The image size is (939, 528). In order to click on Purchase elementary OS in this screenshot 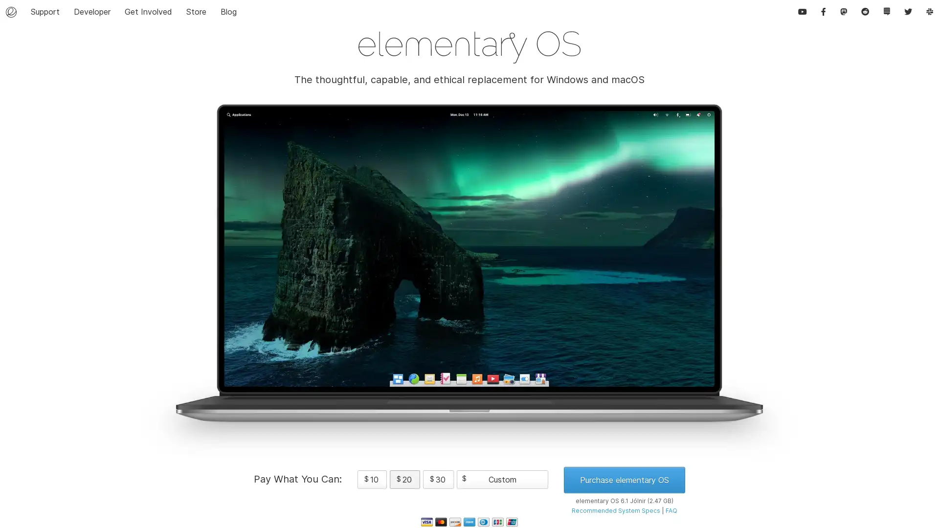, I will do `click(624, 480)`.